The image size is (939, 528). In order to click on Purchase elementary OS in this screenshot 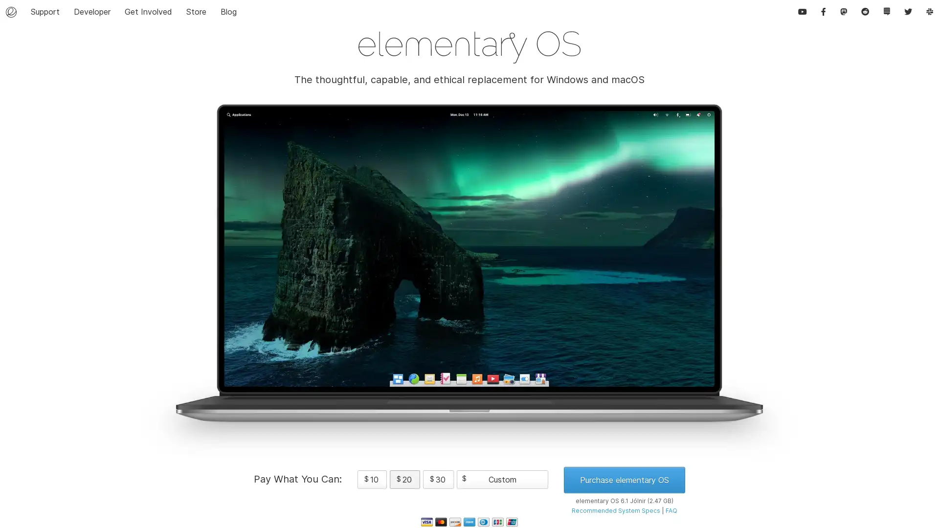, I will do `click(624, 480)`.